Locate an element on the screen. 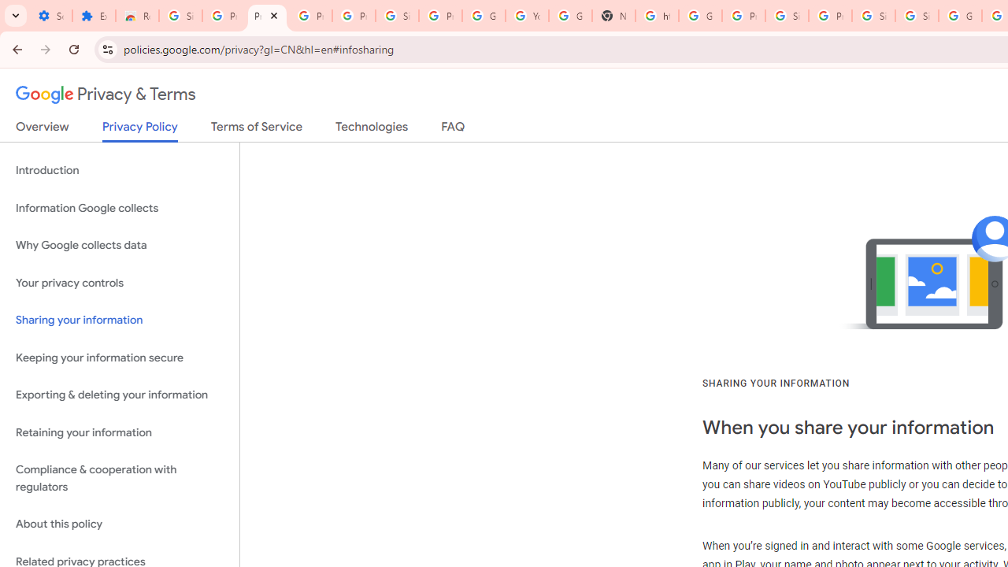 This screenshot has width=1008, height=567. 'Settings - On startup' is located at coordinates (50, 16).